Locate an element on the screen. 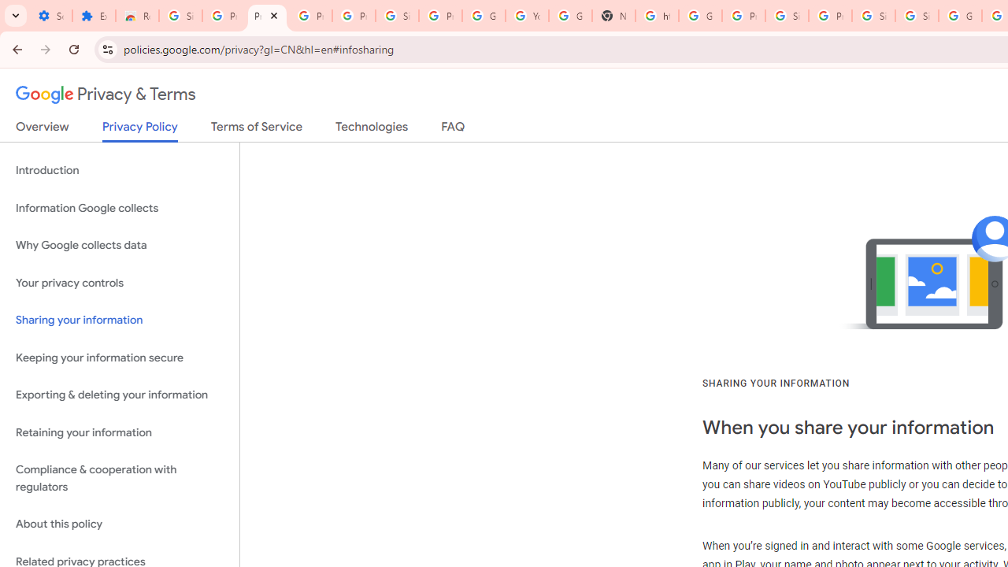 This screenshot has width=1008, height=567. 'Settings - On startup' is located at coordinates (50, 16).